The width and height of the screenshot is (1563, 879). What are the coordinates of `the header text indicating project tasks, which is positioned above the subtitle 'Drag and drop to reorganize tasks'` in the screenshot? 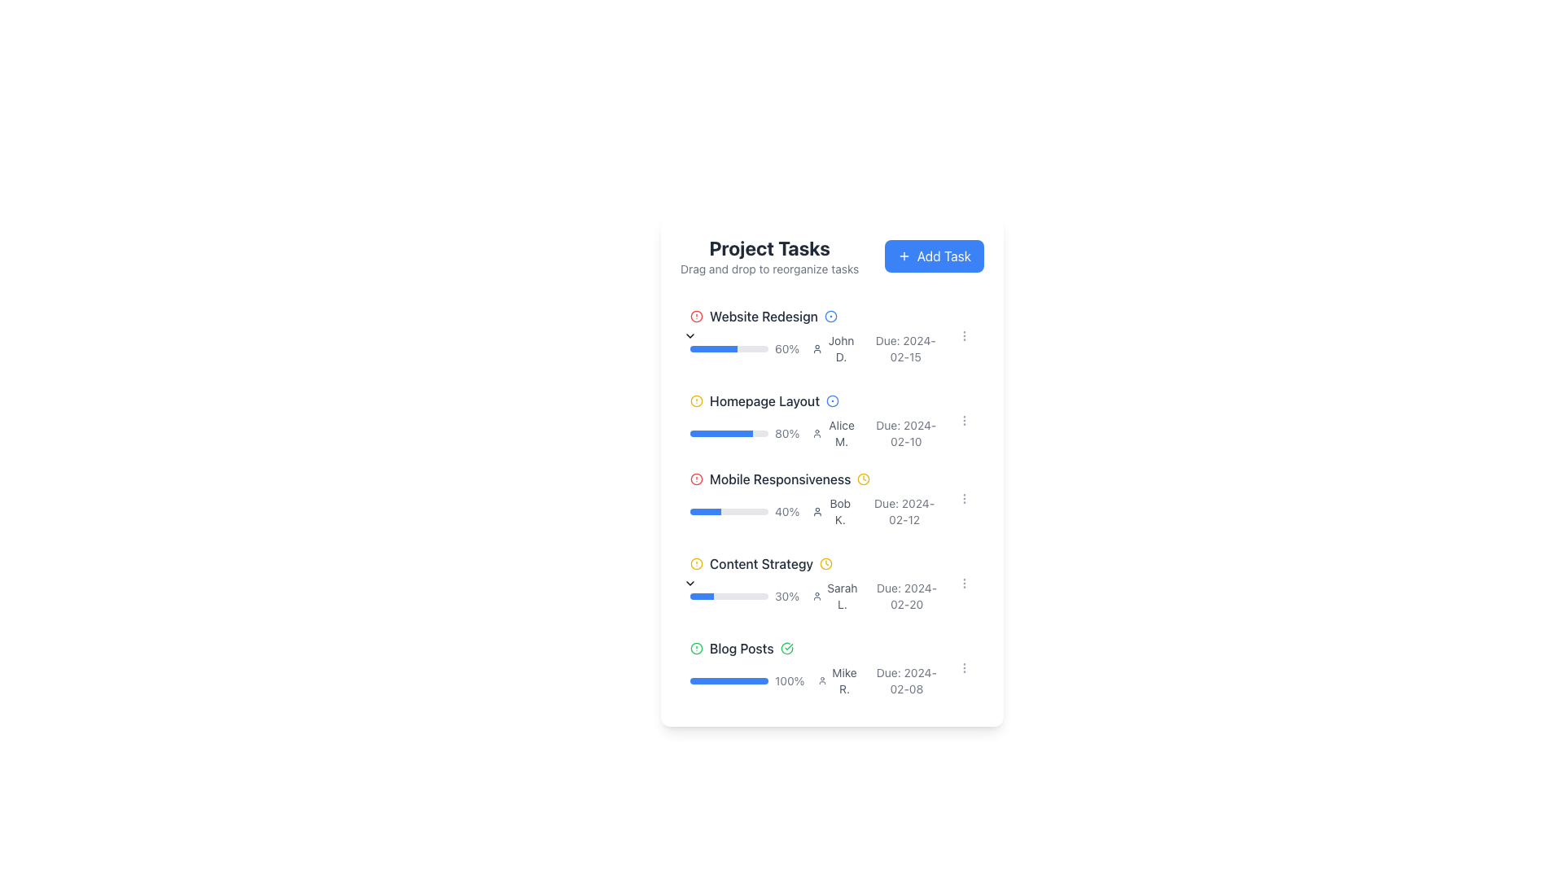 It's located at (768, 247).